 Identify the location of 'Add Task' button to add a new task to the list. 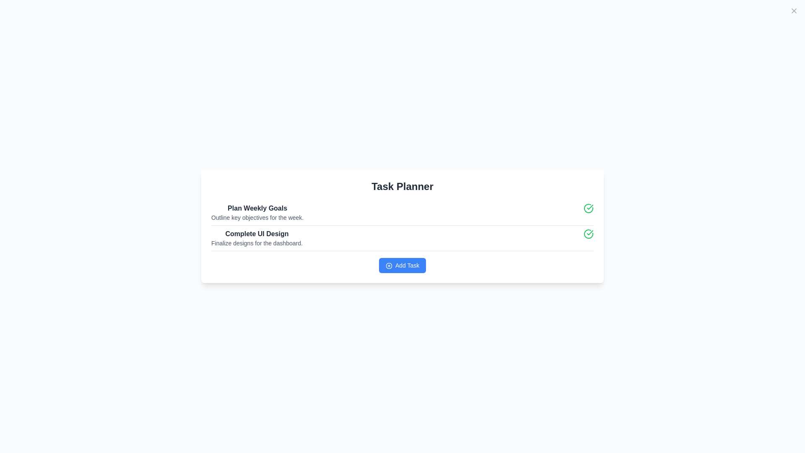
(402, 265).